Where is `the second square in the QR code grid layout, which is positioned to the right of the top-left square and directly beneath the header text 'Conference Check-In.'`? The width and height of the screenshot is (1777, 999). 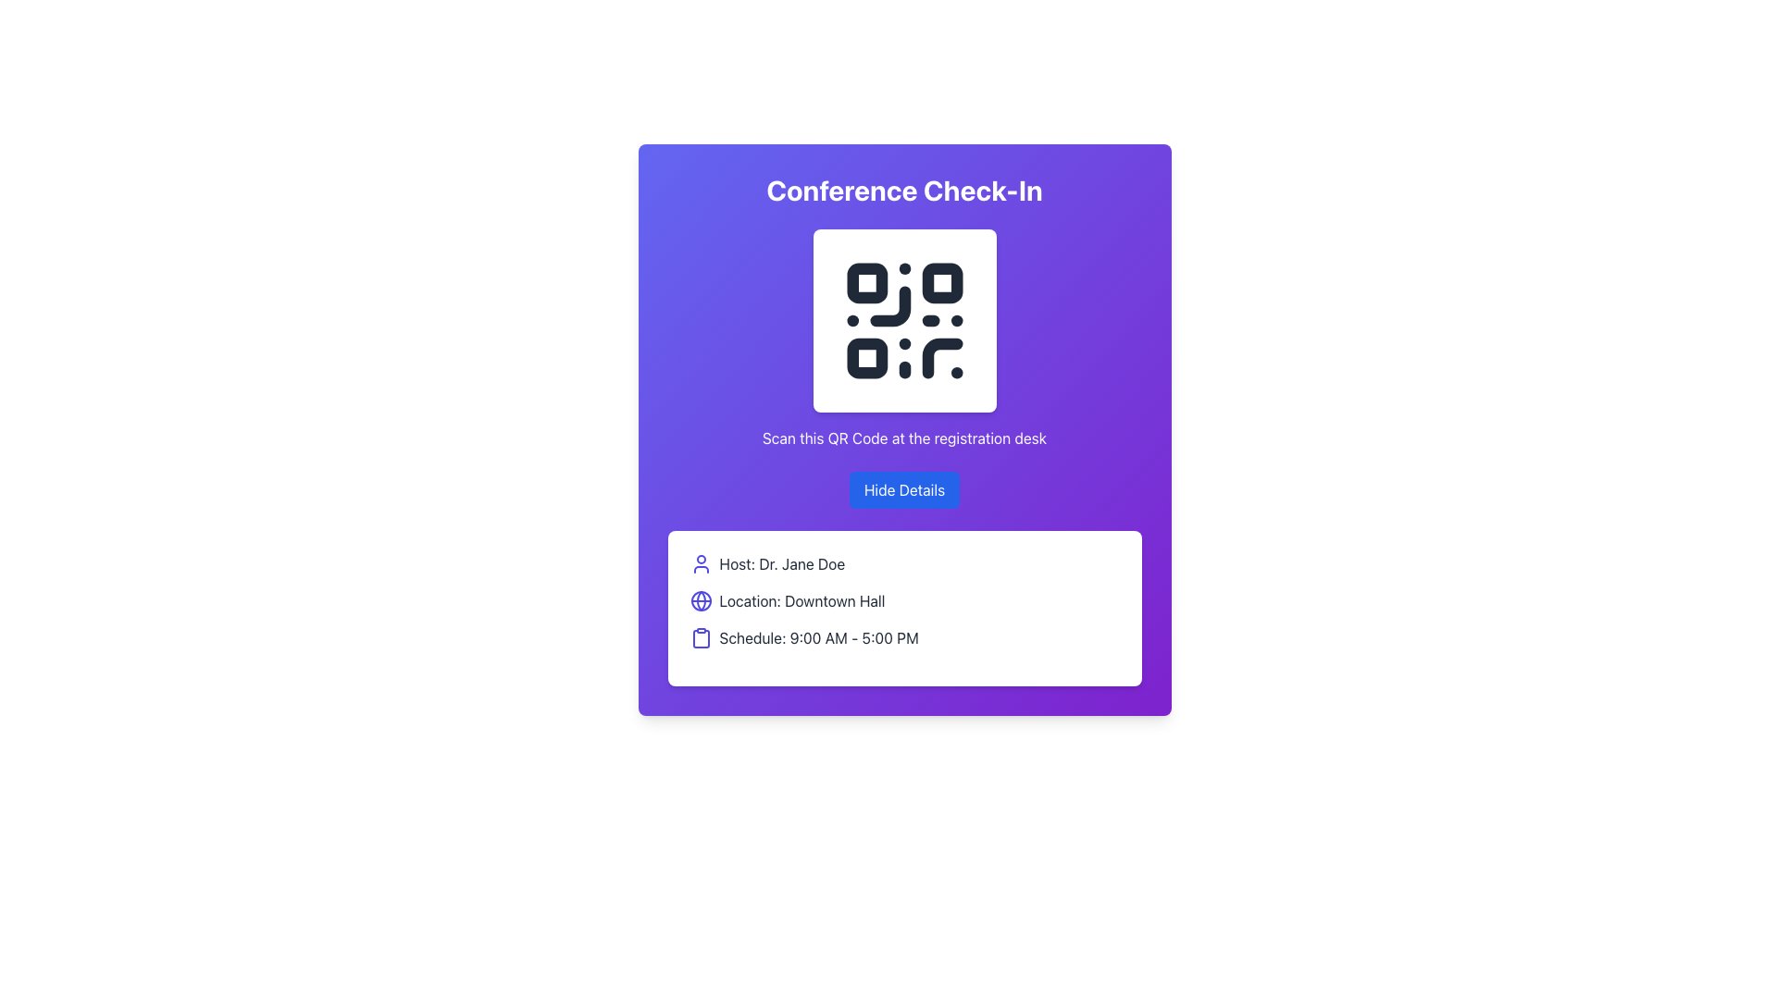 the second square in the QR code grid layout, which is positioned to the right of the top-left square and directly beneath the header text 'Conference Check-In.' is located at coordinates (942, 283).